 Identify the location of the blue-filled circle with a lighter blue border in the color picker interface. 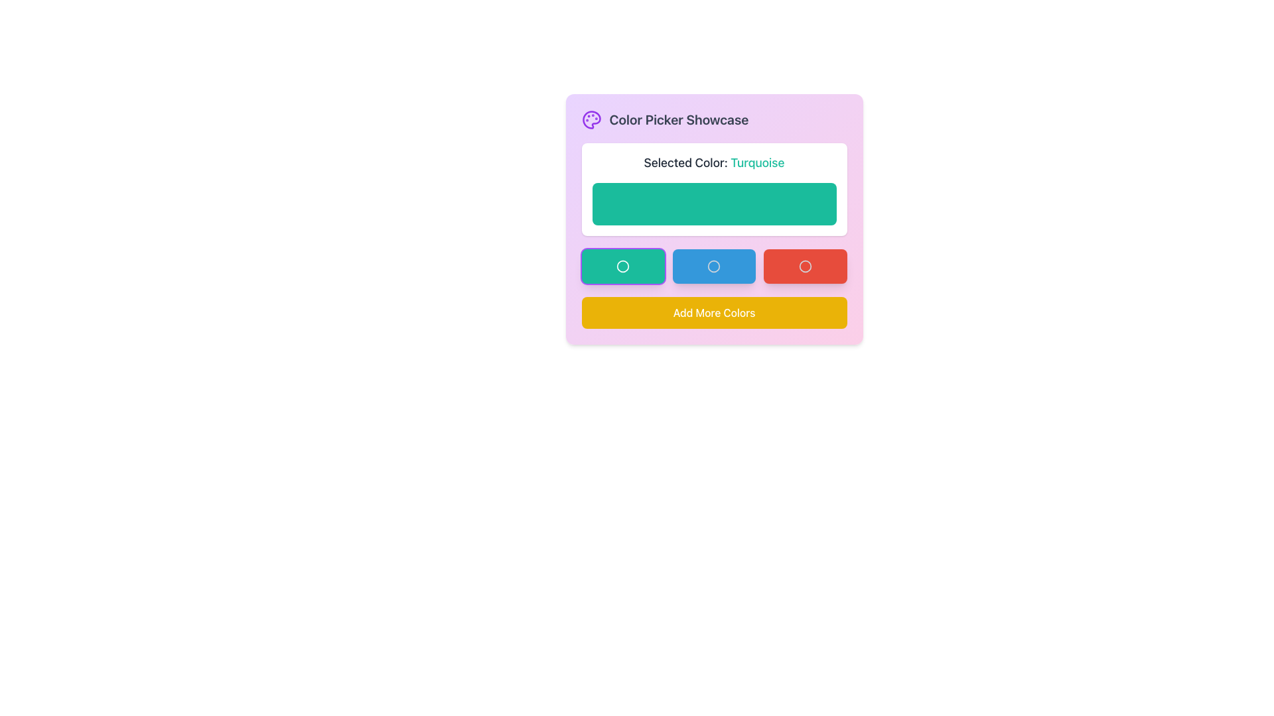
(713, 266).